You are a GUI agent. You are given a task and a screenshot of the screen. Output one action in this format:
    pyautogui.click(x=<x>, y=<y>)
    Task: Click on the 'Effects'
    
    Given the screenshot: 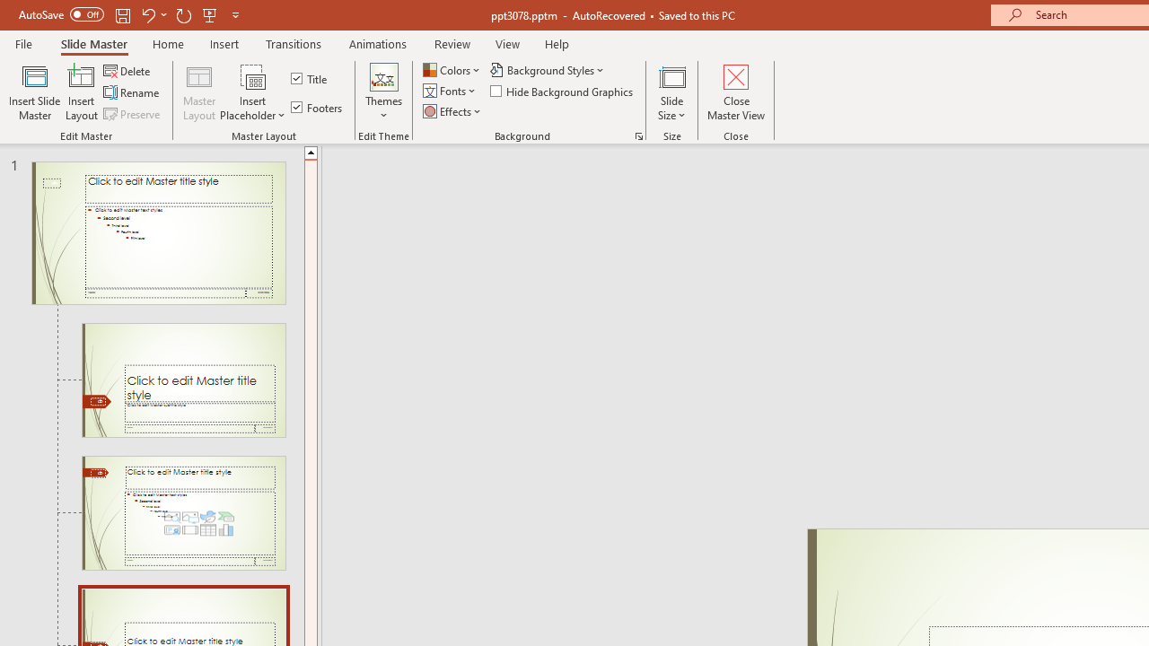 What is the action you would take?
    pyautogui.click(x=453, y=111)
    